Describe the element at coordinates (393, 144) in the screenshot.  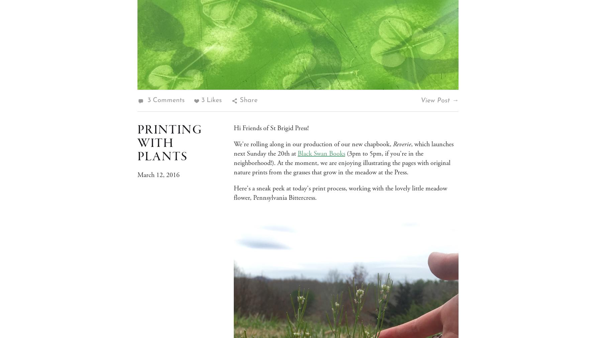
I see `'Reverie'` at that location.